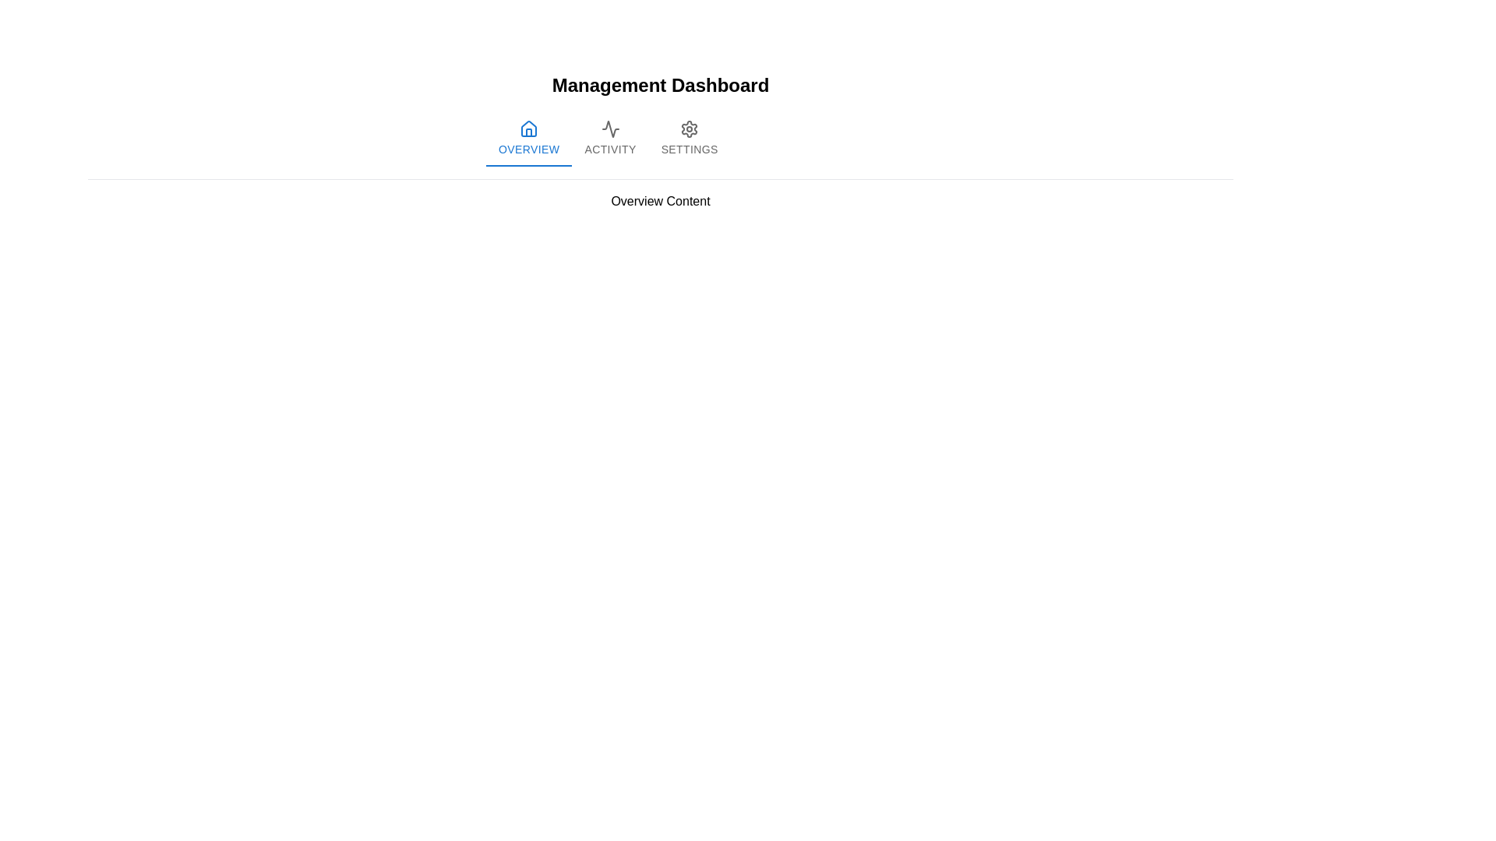 The height and width of the screenshot is (841, 1496). I want to click on the text label displaying 'Overview Content' located centrally under the 'Overview' section header, just below a thin gray dividing line, so click(661, 200).